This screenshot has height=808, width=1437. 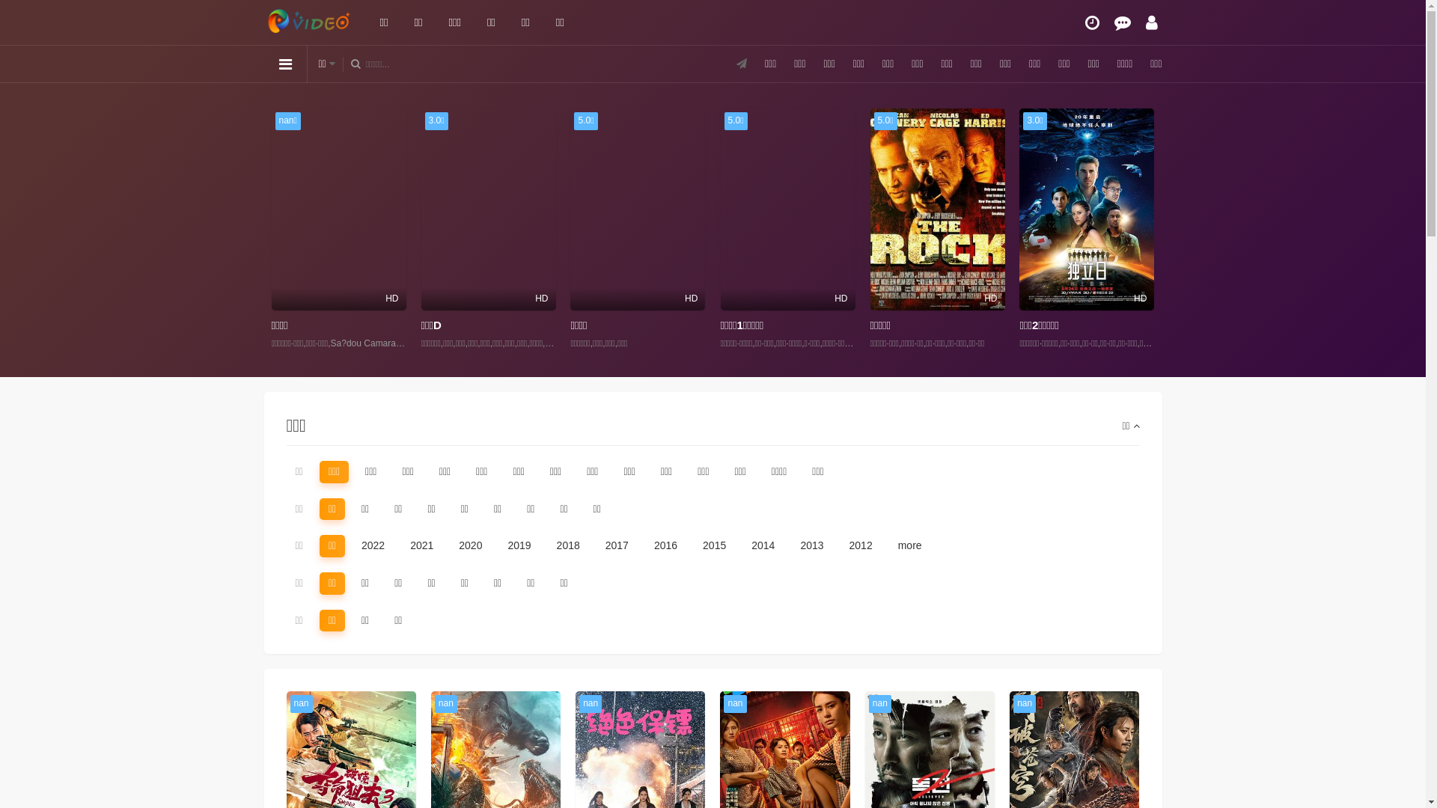 What do you see at coordinates (763, 545) in the screenshot?
I see `'2014'` at bounding box center [763, 545].